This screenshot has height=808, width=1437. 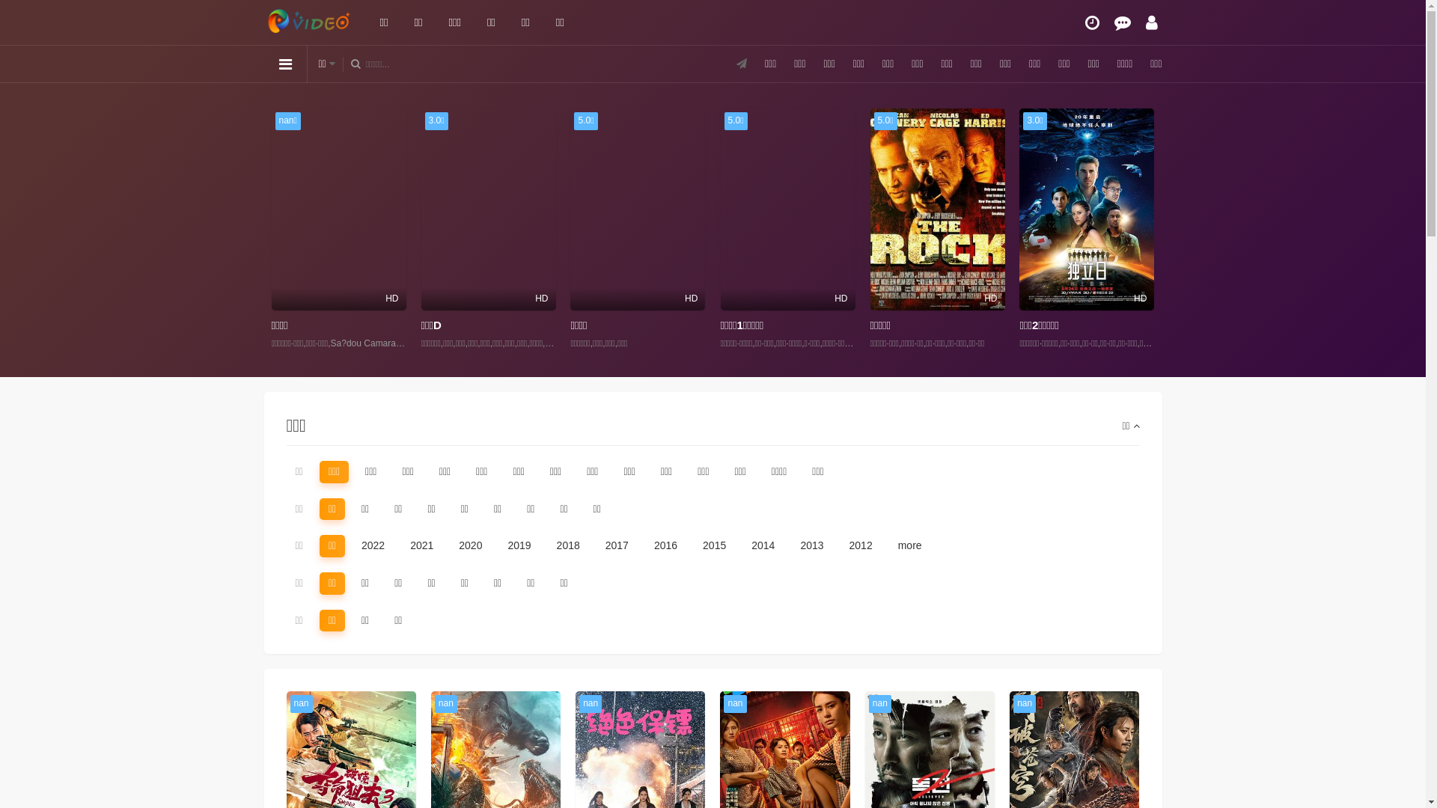 What do you see at coordinates (763, 545) in the screenshot?
I see `'2014'` at bounding box center [763, 545].